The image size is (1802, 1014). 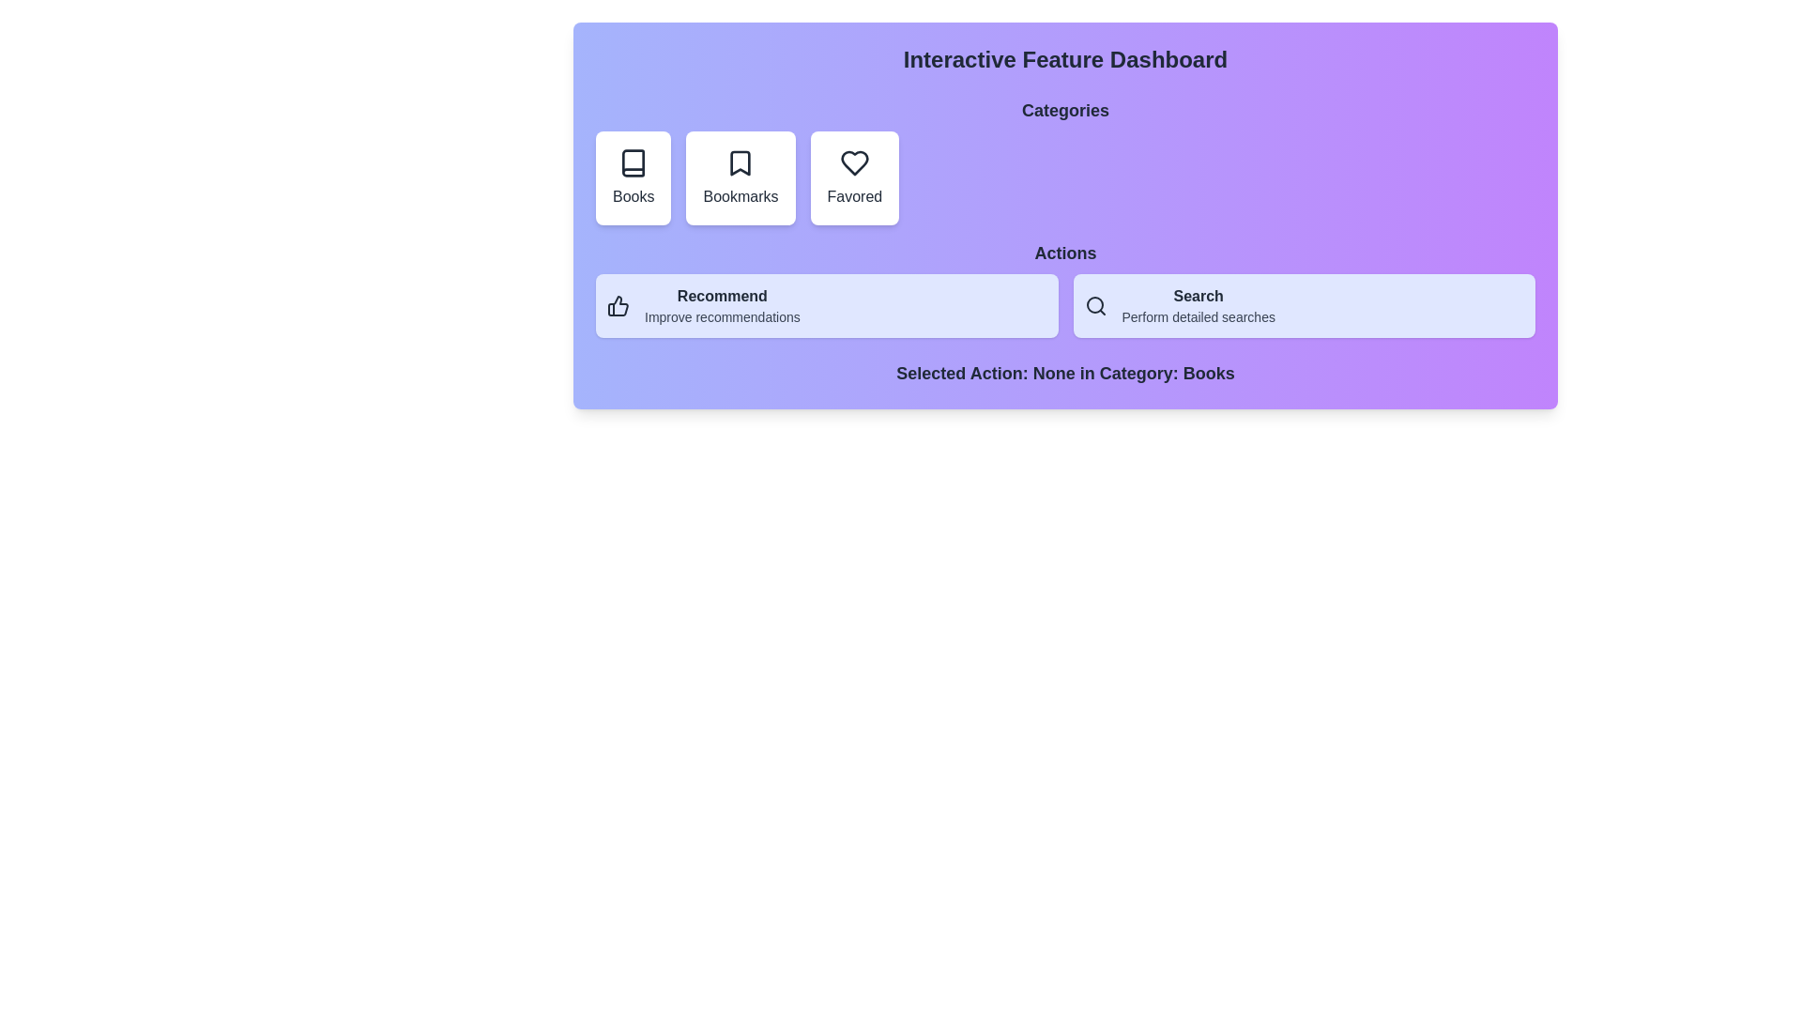 What do you see at coordinates (1198, 305) in the screenshot?
I see `descriptive label containing the text 'Search' and 'Perform detailed searches' located in the middle-right section of the 'Actions' area, which has a light indigo background and dark gray text` at bounding box center [1198, 305].